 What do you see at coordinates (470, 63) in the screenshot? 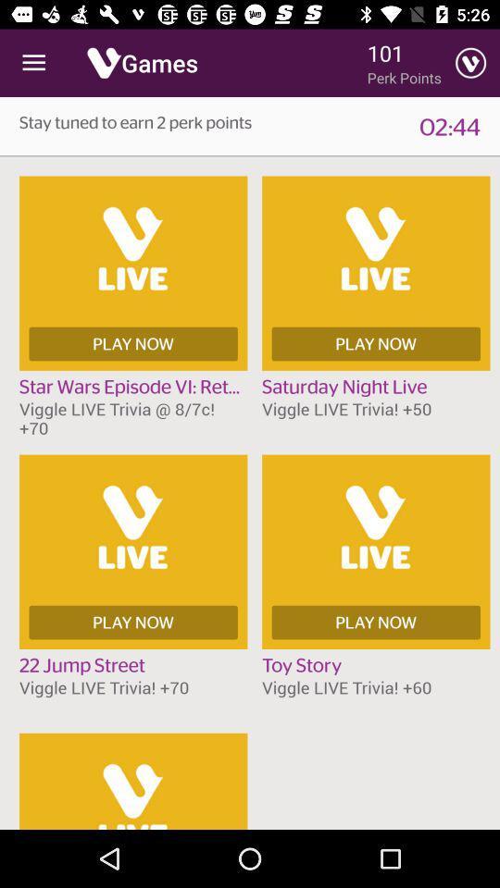
I see `icon above the 02:44 item` at bounding box center [470, 63].